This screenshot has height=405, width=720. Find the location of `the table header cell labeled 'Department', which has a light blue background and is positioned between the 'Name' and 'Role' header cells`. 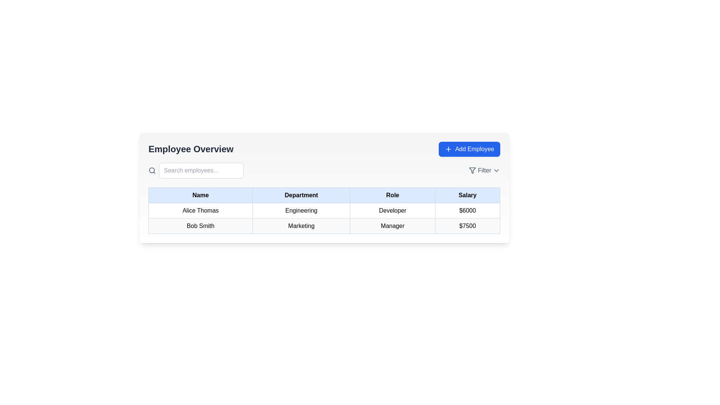

the table header cell labeled 'Department', which has a light blue background and is positioned between the 'Name' and 'Role' header cells is located at coordinates (301, 195).